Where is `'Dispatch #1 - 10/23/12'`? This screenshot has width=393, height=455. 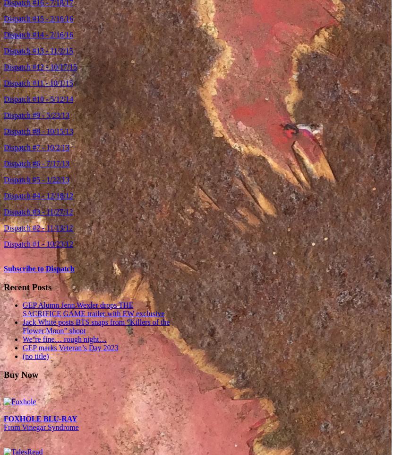 'Dispatch #1 - 10/23/12' is located at coordinates (3, 243).